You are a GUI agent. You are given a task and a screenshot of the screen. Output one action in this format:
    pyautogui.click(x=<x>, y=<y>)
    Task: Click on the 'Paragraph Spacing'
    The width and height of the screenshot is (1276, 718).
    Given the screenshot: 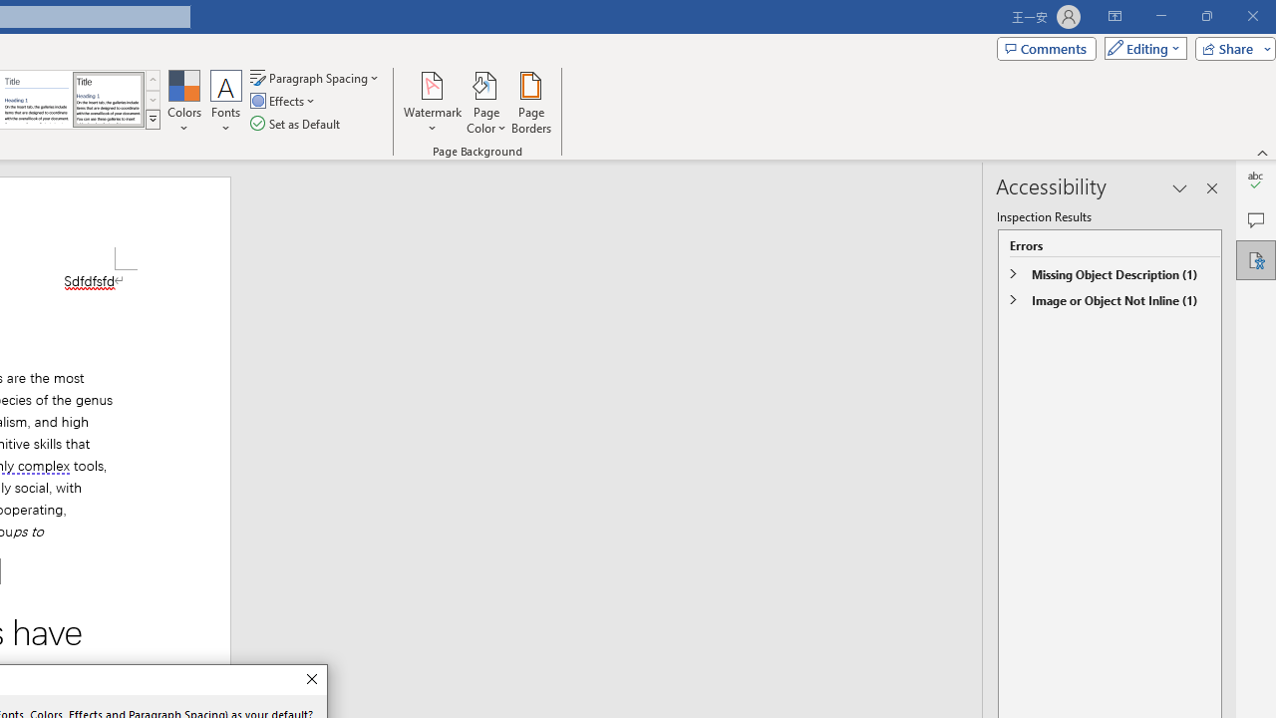 What is the action you would take?
    pyautogui.click(x=315, y=77)
    